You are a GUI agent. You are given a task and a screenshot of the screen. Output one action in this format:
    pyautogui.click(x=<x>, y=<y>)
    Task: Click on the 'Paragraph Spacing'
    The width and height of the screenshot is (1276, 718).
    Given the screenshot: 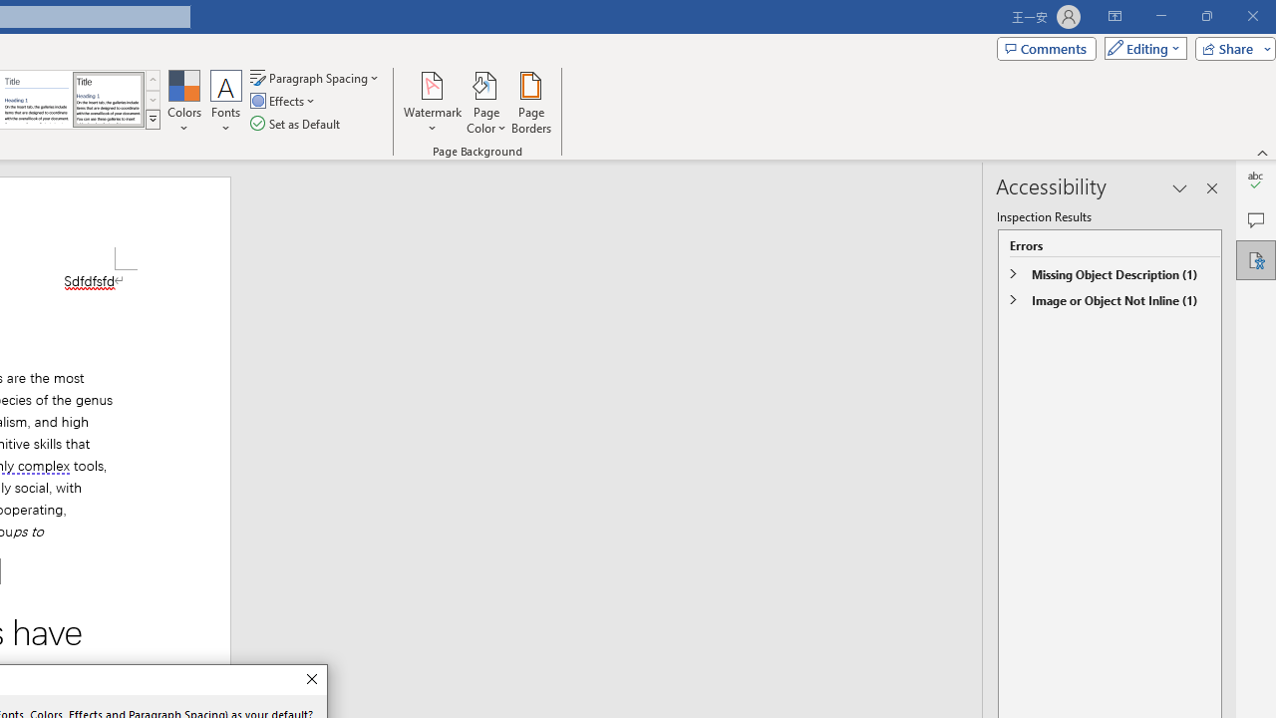 What is the action you would take?
    pyautogui.click(x=315, y=77)
    